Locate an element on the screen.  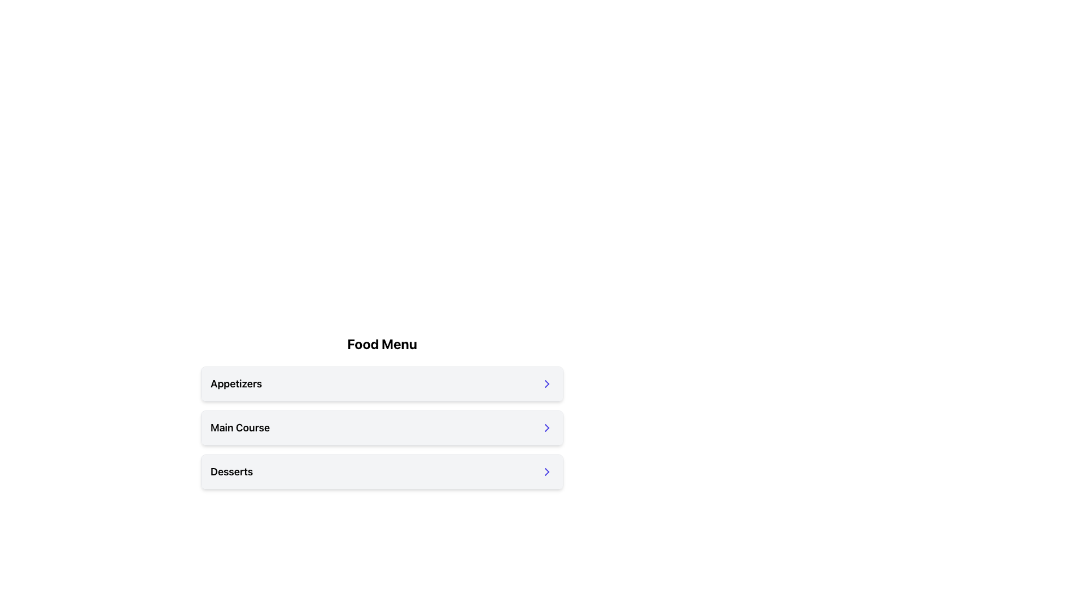
the 'Appetizers' static text label, which serves as a header for the menu section, to observe any potential visual effects is located at coordinates (235, 383).